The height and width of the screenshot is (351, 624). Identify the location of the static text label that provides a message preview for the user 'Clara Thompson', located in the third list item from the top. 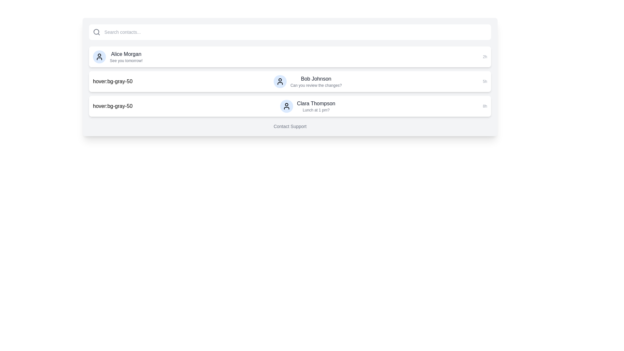
(316, 110).